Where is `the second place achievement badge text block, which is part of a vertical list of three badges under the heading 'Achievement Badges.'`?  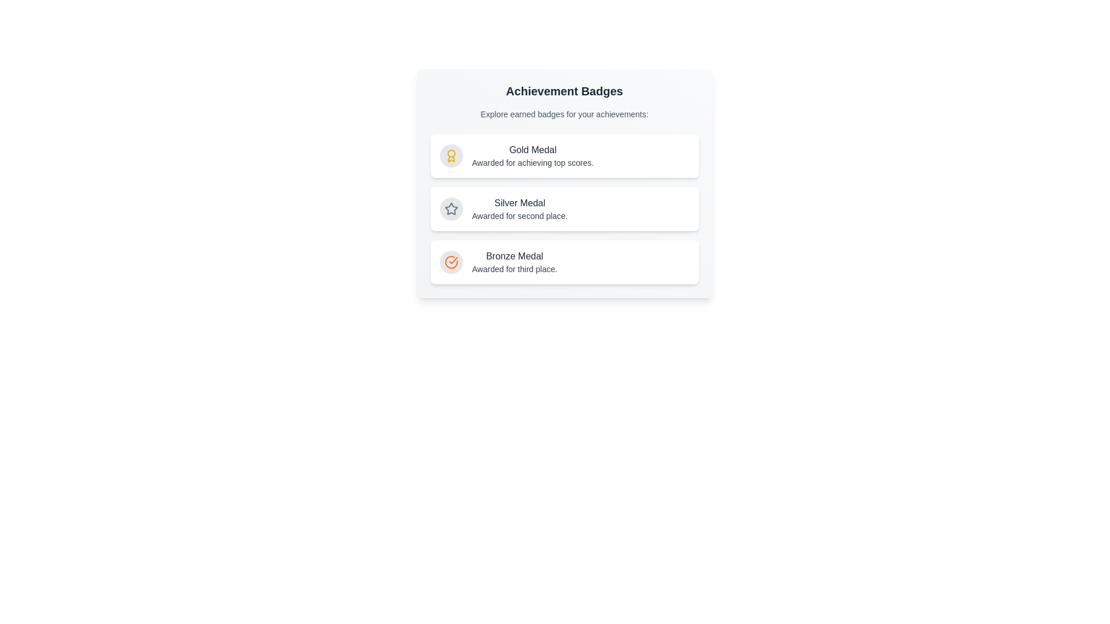
the second place achievement badge text block, which is part of a vertical list of three badges under the heading 'Achievement Badges.' is located at coordinates (519, 209).